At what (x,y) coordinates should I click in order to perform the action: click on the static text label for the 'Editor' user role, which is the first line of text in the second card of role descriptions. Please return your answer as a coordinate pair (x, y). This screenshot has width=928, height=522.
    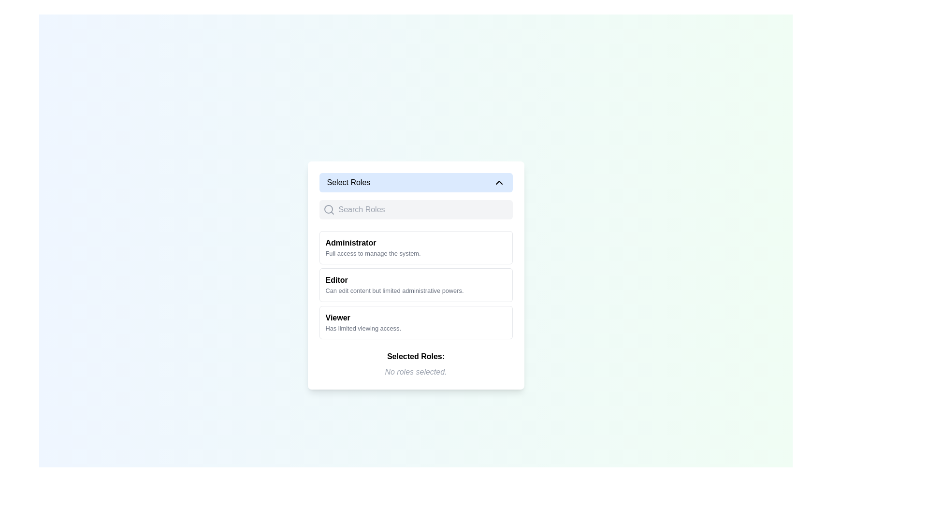
    Looking at the image, I should click on (336, 280).